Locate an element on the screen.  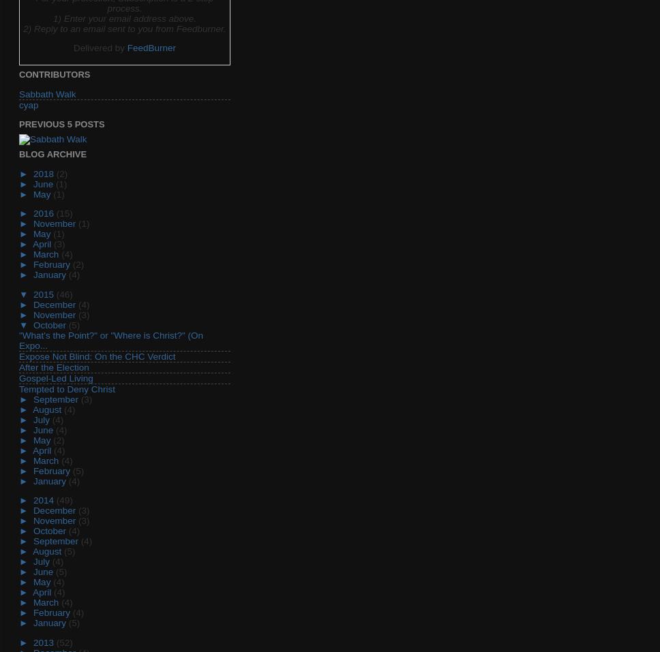
'1) Enter your email address above.' is located at coordinates (51, 17).